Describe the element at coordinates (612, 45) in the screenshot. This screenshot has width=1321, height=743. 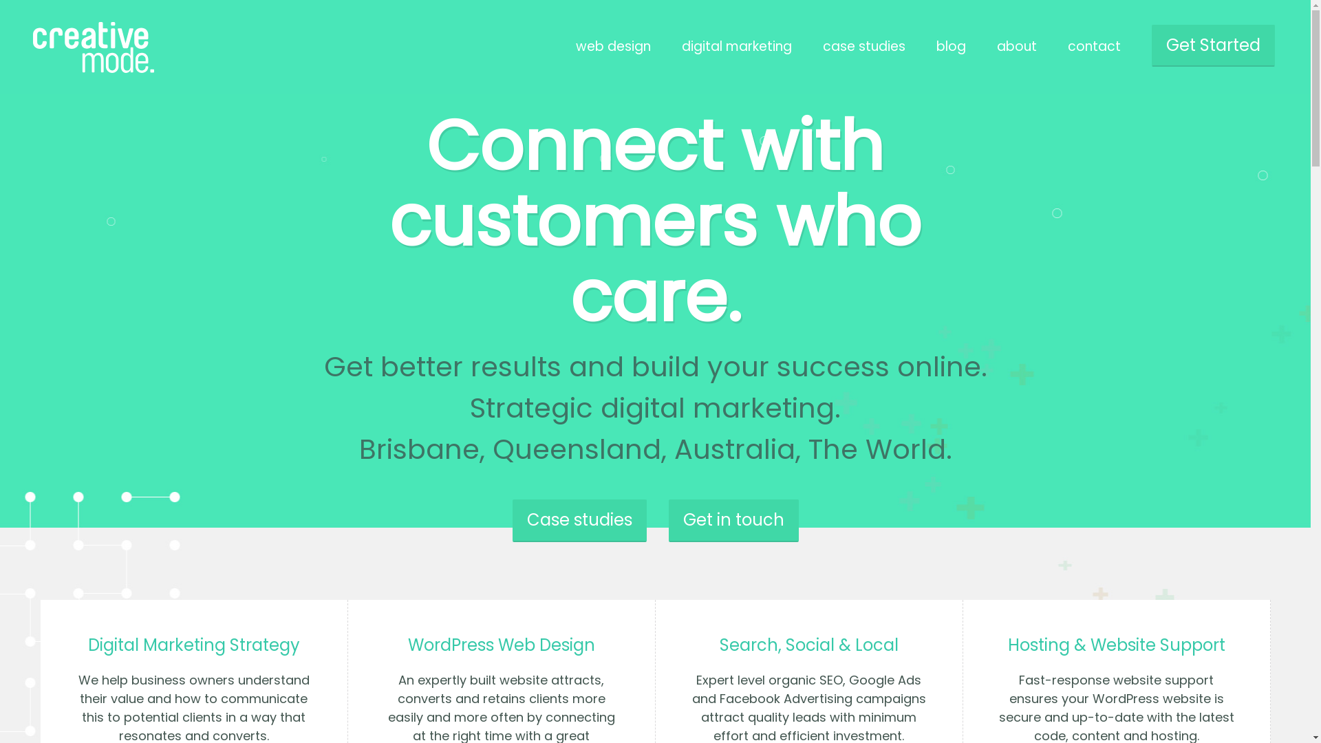
I see `'web design'` at that location.